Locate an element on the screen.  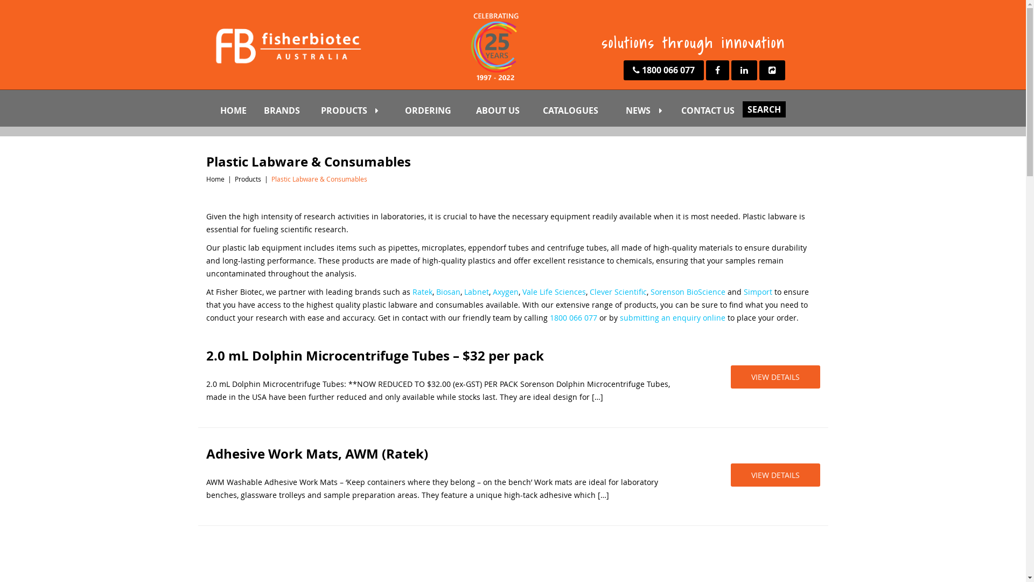
'Products' is located at coordinates (247, 178).